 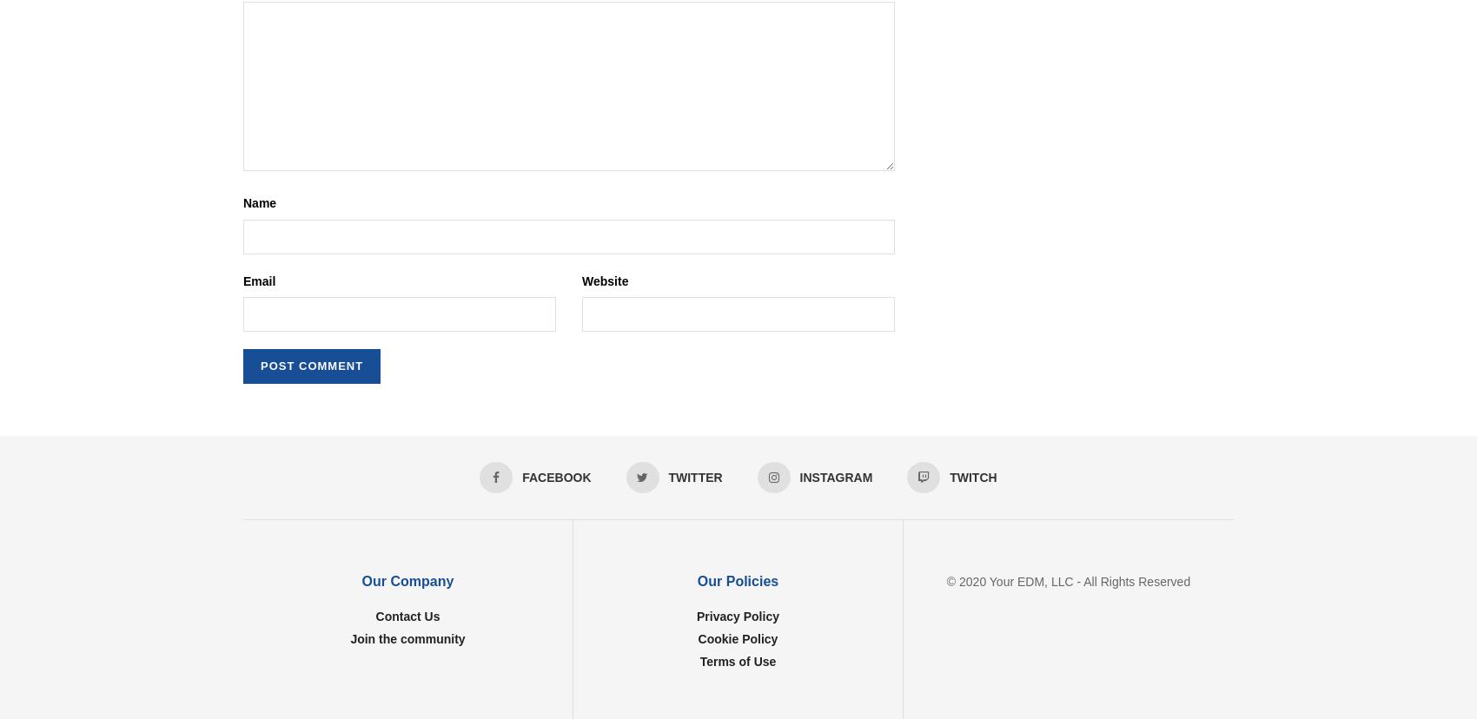 What do you see at coordinates (694, 477) in the screenshot?
I see `'Twitter'` at bounding box center [694, 477].